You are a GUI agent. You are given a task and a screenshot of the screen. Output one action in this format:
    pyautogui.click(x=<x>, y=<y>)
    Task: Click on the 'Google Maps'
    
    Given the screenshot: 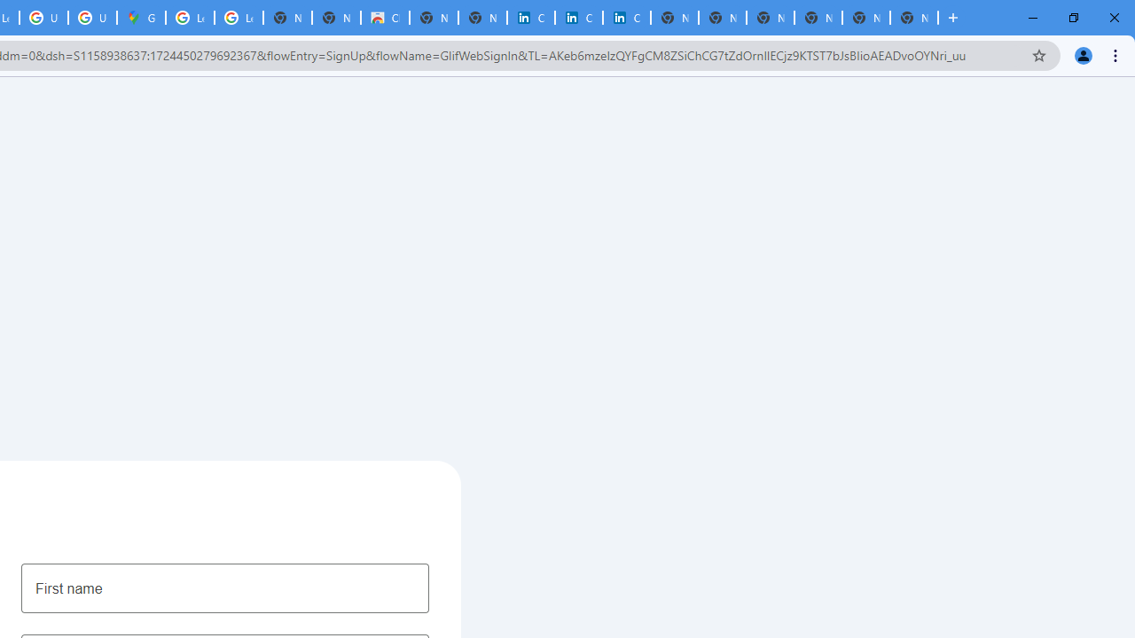 What is the action you would take?
    pyautogui.click(x=140, y=18)
    